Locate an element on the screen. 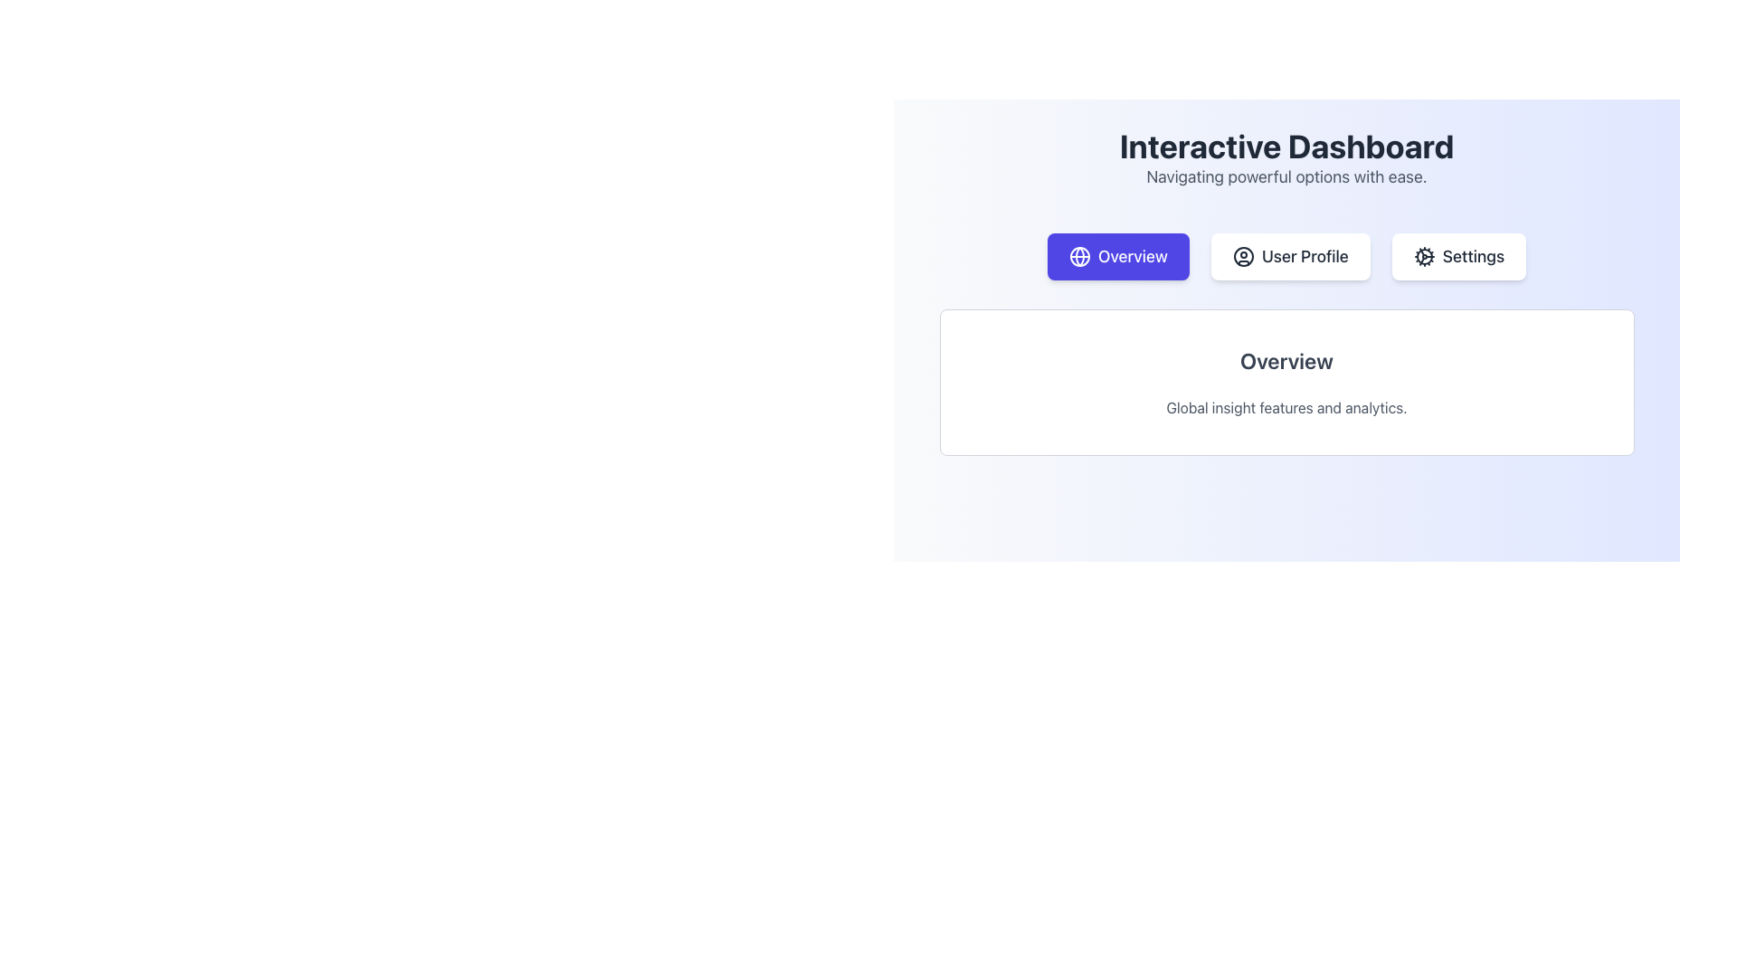 The width and height of the screenshot is (1737, 977). text content of the Header element titled 'Interactive Dashboard' with the subtitle 'Navigating powerful options with ease.' is located at coordinates (1286, 158).